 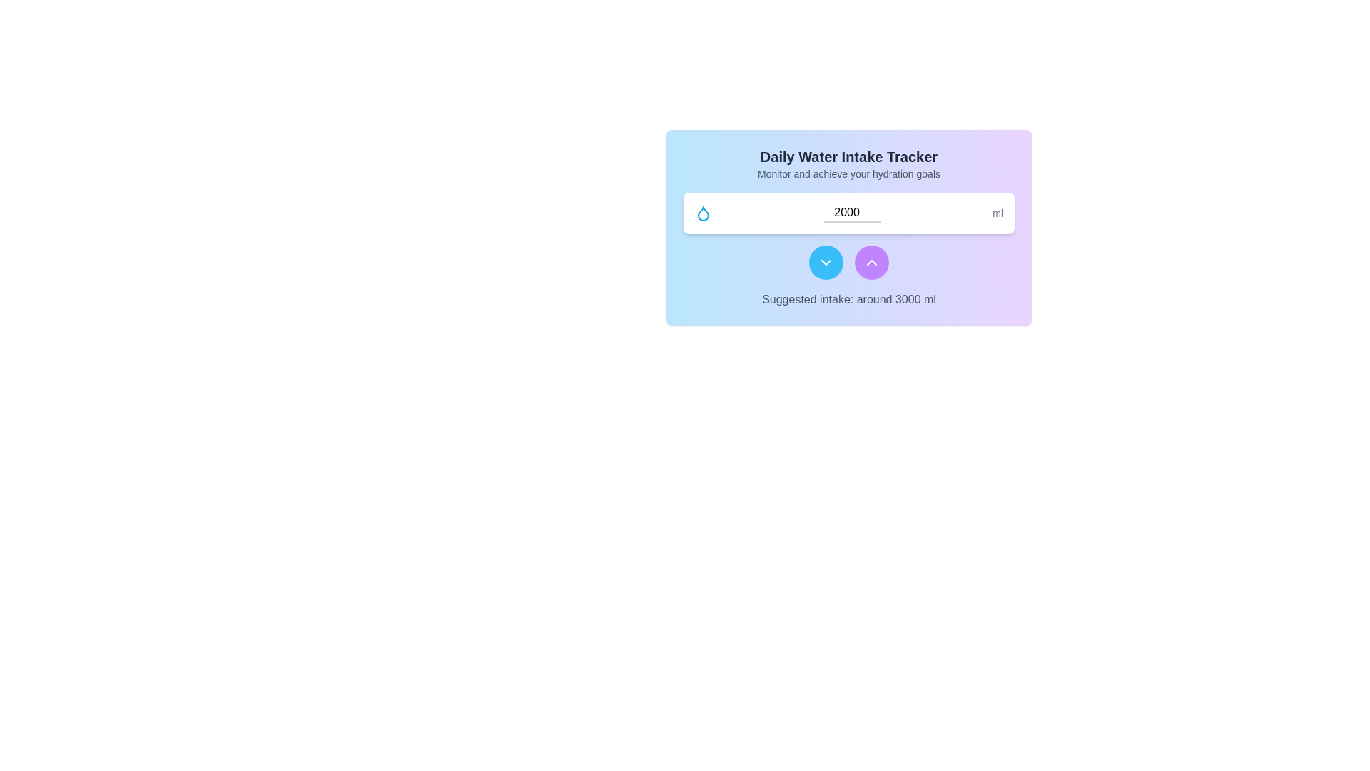 What do you see at coordinates (852, 213) in the screenshot?
I see `the numeric input field displaying '2000'` at bounding box center [852, 213].